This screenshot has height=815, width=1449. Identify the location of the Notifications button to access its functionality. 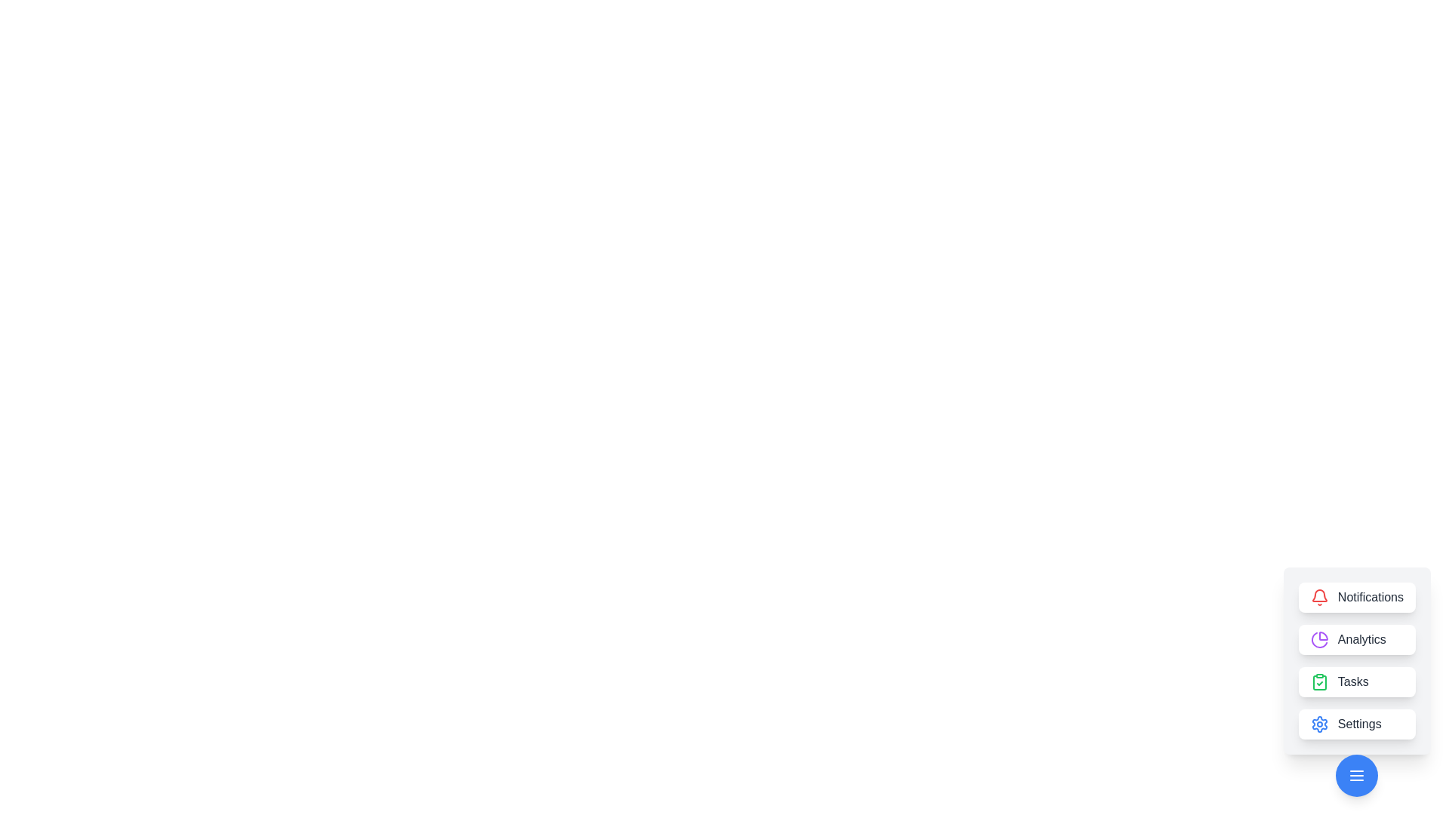
(1357, 596).